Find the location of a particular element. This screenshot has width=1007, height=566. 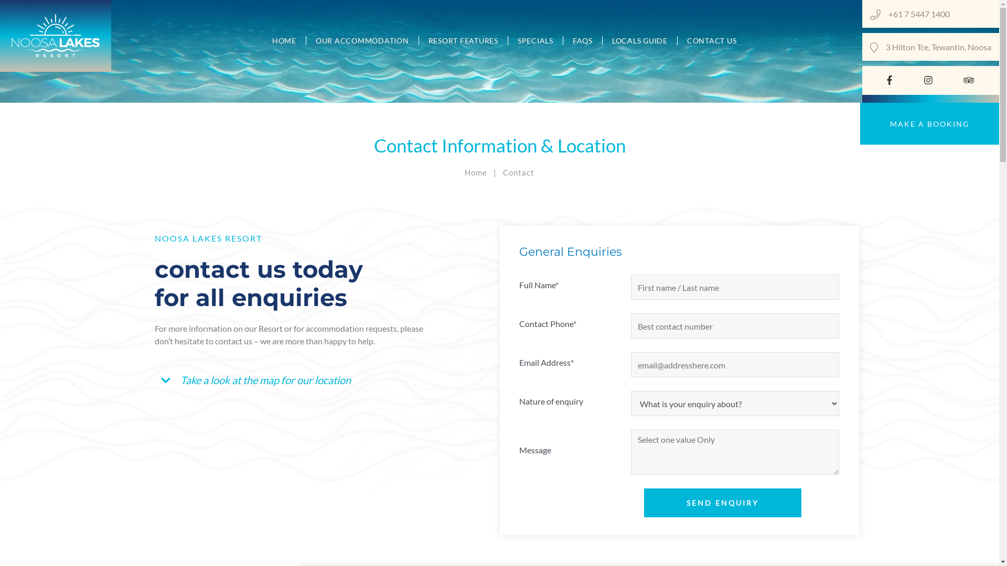

'Home' is located at coordinates (475, 171).